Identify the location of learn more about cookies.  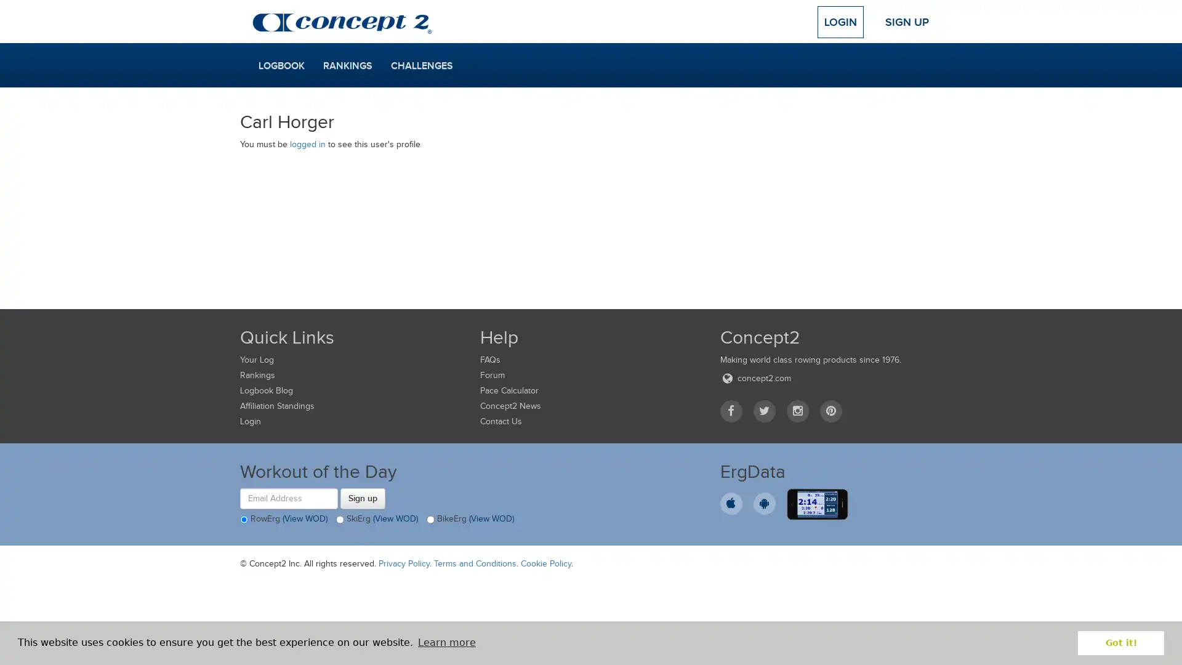
(446, 642).